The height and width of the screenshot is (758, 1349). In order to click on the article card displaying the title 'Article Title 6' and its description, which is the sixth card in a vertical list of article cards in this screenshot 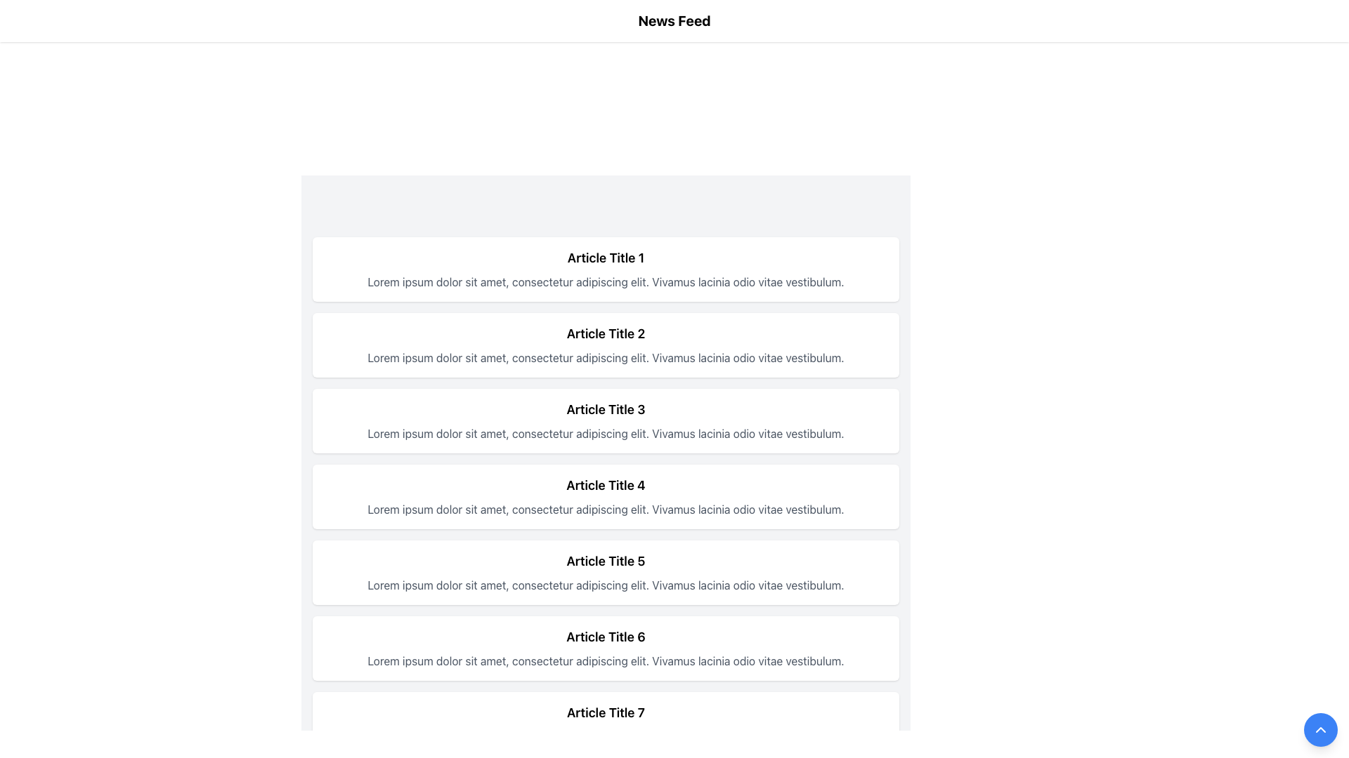, I will do `click(606, 649)`.